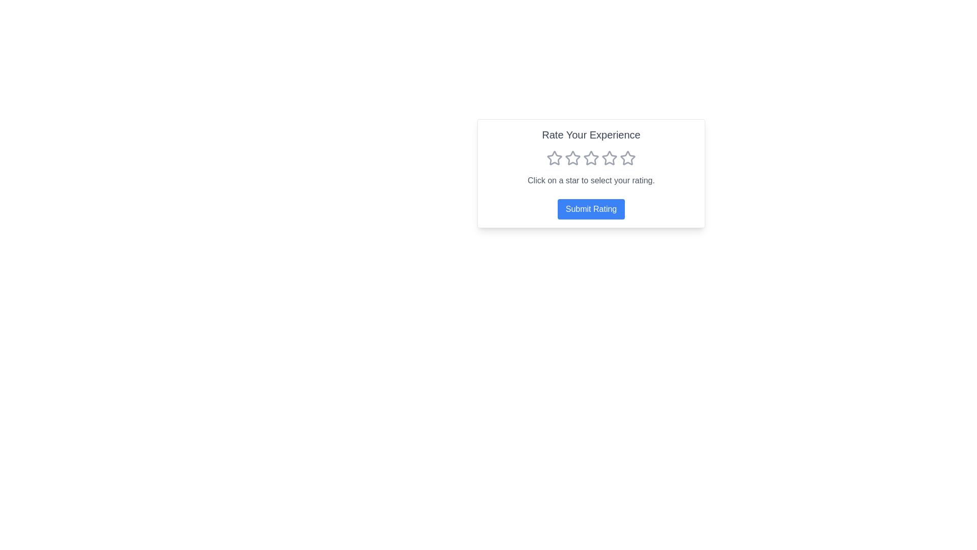 The height and width of the screenshot is (550, 977). What do you see at coordinates (573, 158) in the screenshot?
I see `the third star icon with a hollow center and gray border` at bounding box center [573, 158].